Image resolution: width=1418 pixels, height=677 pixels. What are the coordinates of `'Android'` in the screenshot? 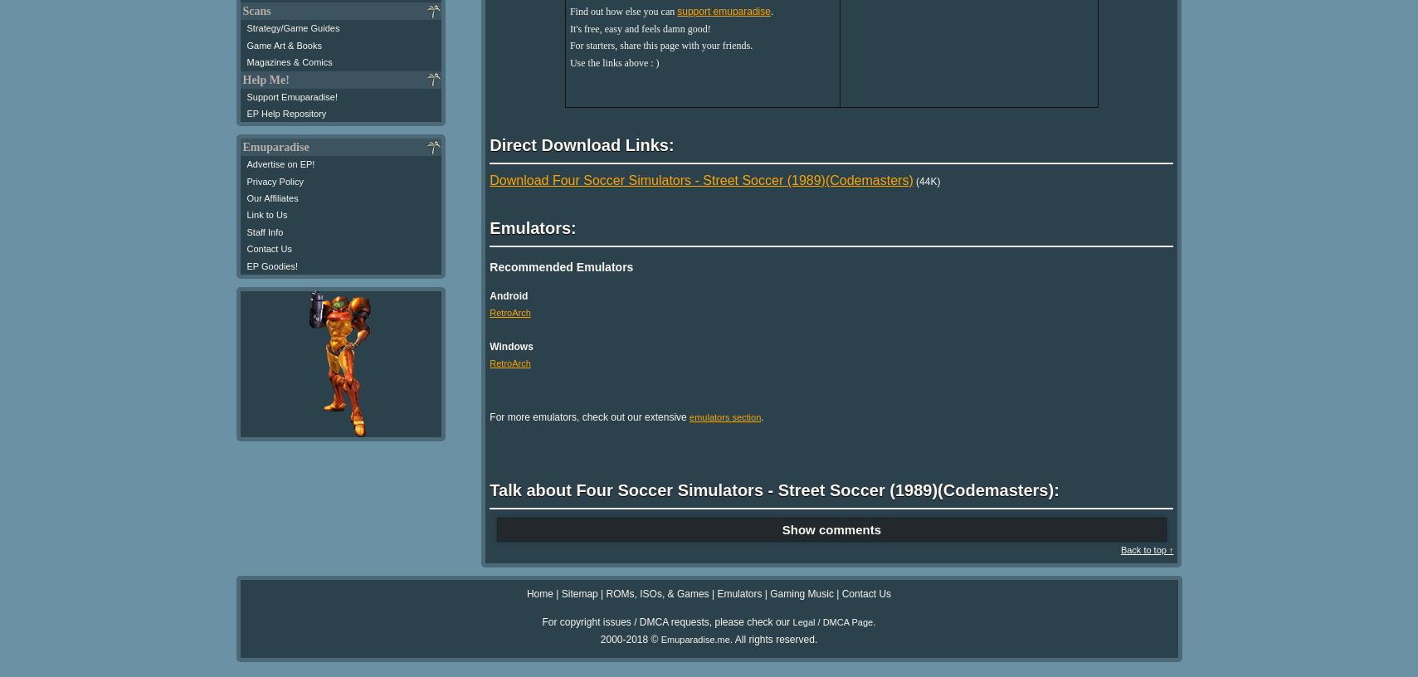 It's located at (508, 295).